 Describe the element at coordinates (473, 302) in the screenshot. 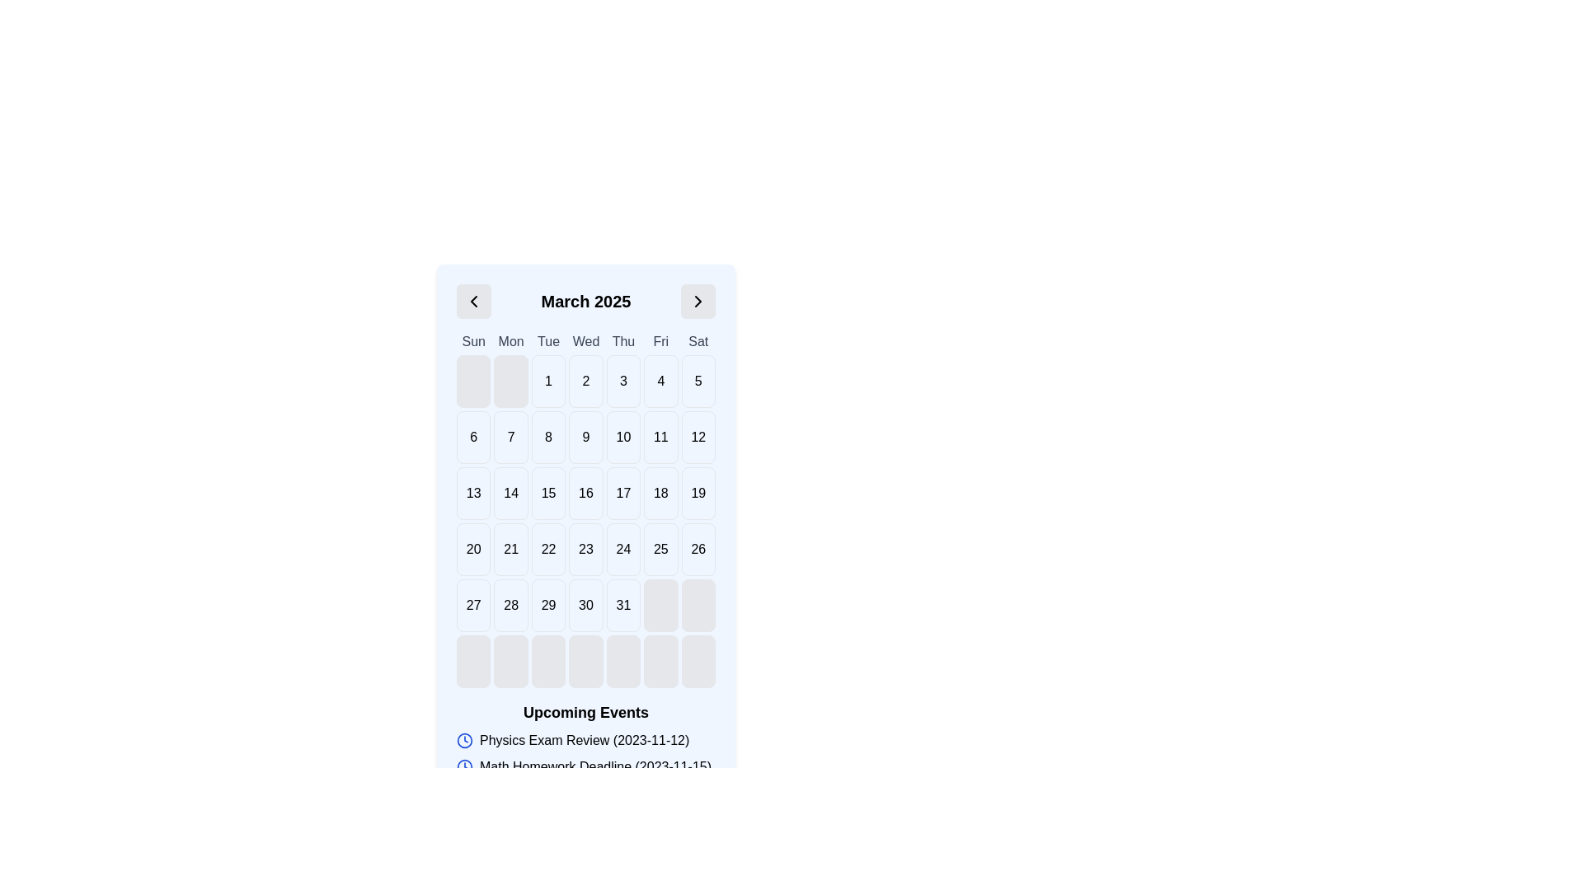

I see `the navigation icon within the left button next to the month/year header 'March 2025'` at that location.